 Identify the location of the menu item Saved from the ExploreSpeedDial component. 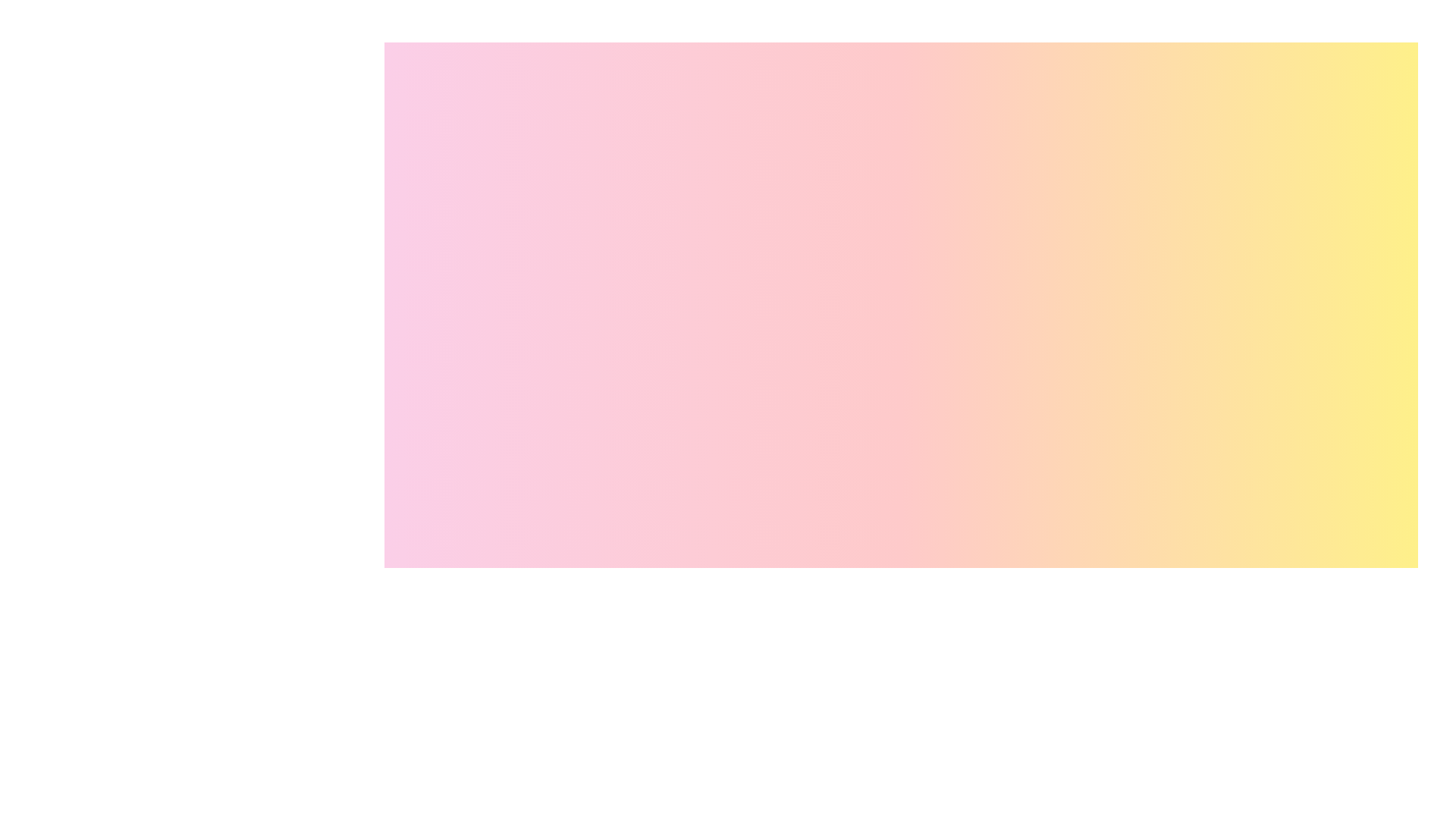
(1392, 721).